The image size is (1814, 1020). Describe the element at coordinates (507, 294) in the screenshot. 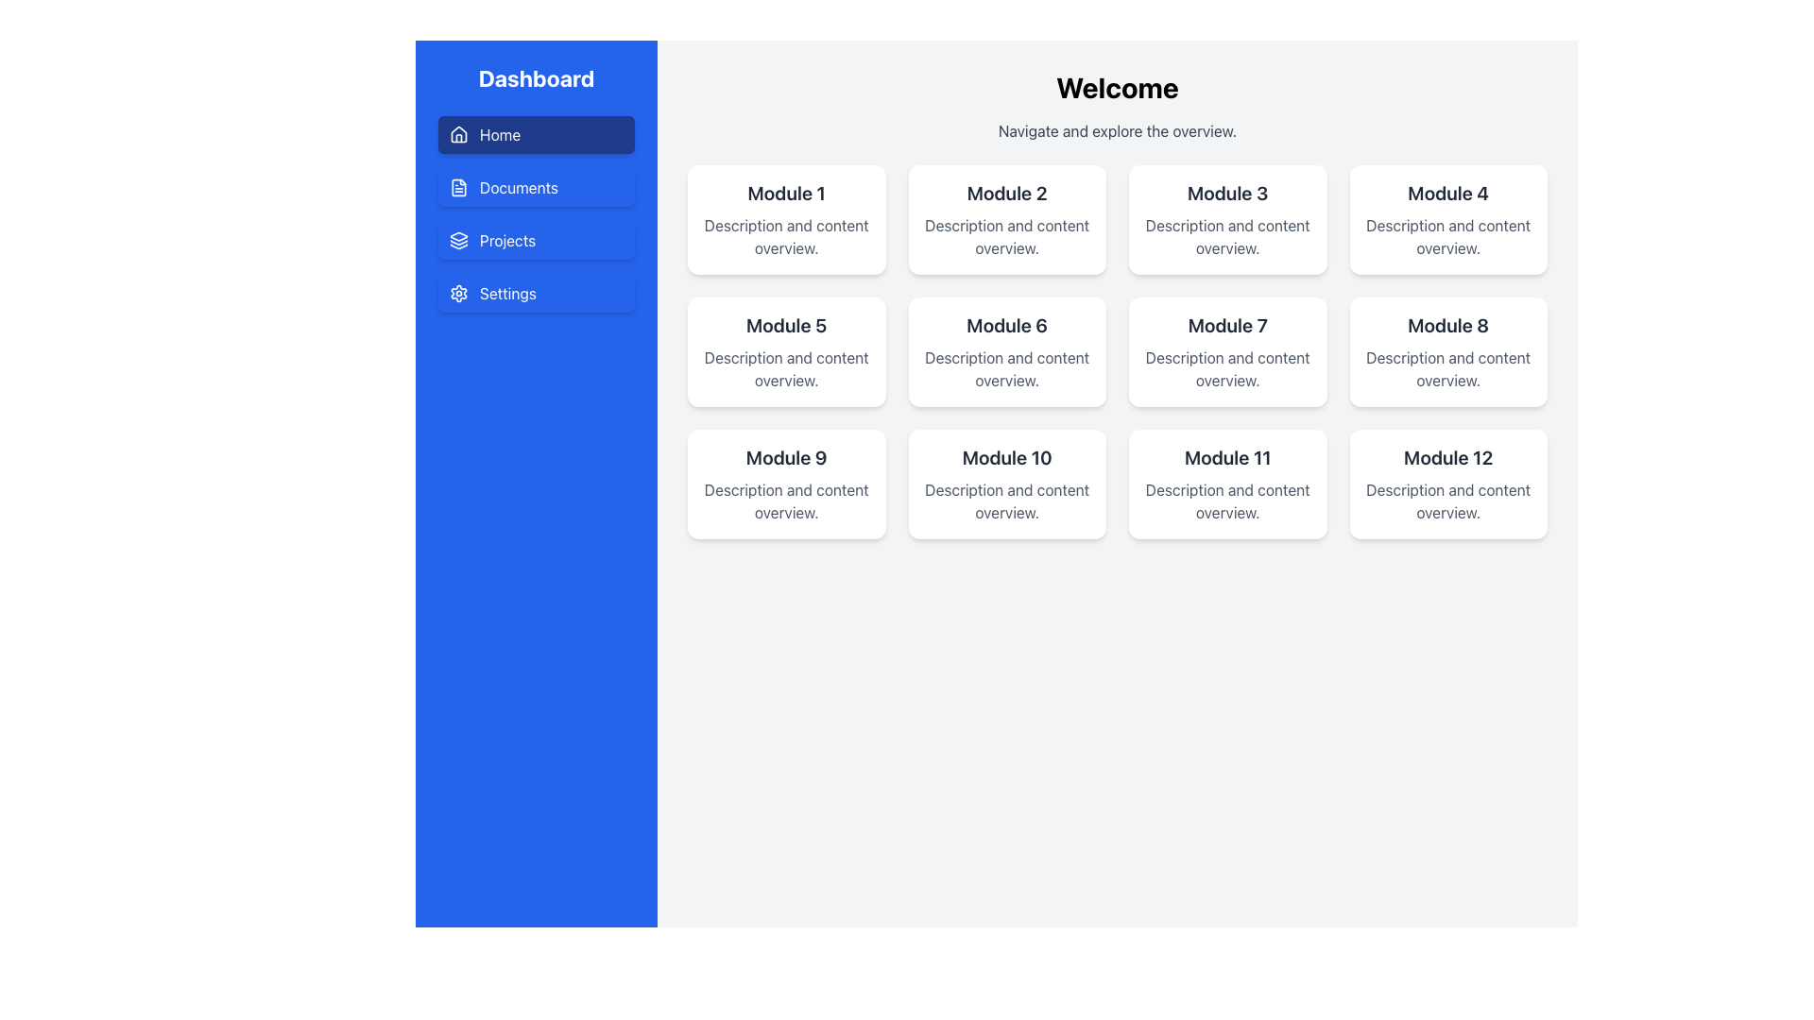

I see `the Text Label that indicates the purpose of the navigation item for 'Settings', located in the left side navigation bar, positioned beneath 'Projects'` at that location.